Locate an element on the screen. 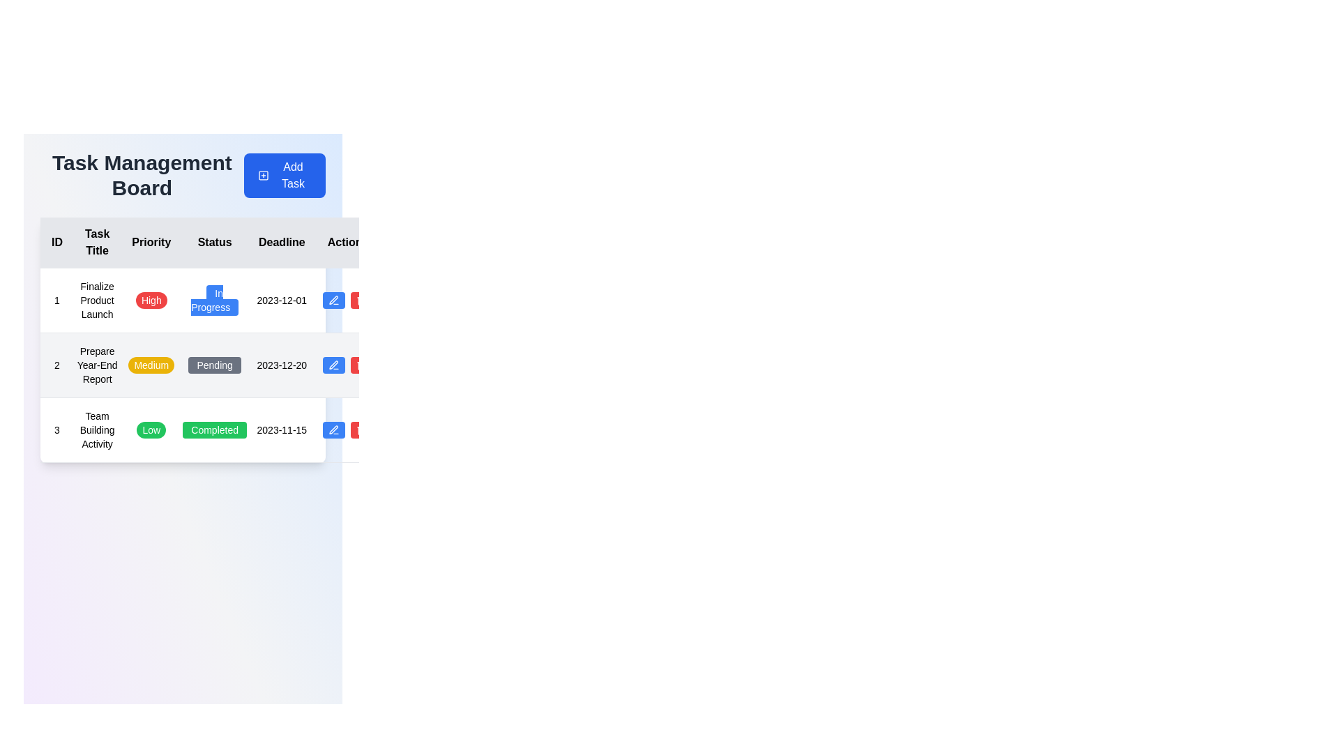  the 'Pending' badge in the second row of the task management table, which has a gray background and is adjacent to the 'Deadline' cell with '2023-12-20' is located at coordinates (214, 365).